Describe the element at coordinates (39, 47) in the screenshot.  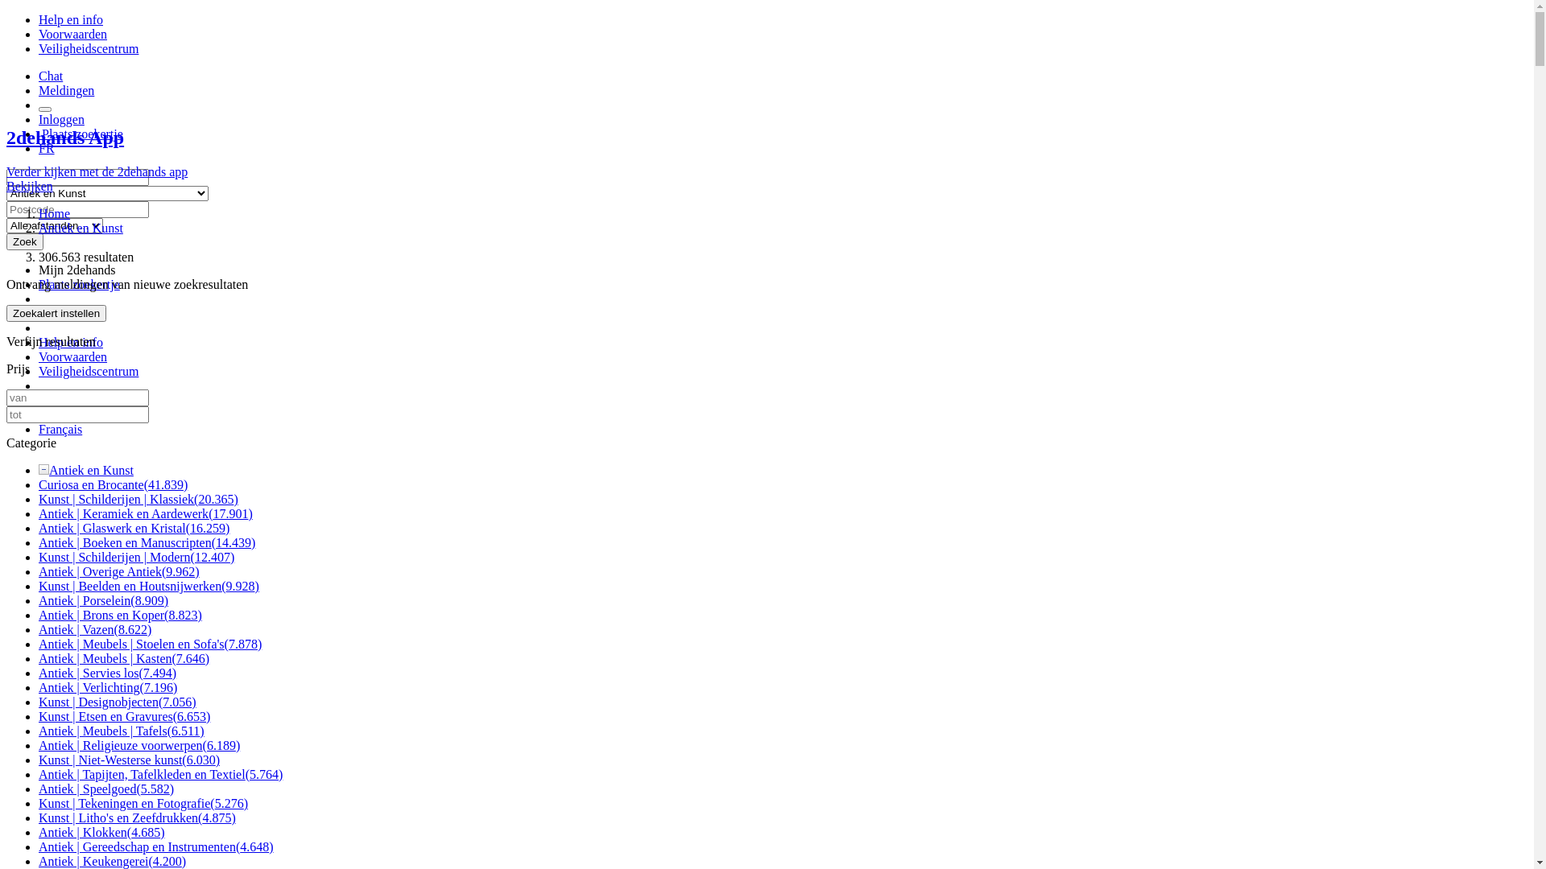
I see `'Veiligheidscentrum'` at that location.